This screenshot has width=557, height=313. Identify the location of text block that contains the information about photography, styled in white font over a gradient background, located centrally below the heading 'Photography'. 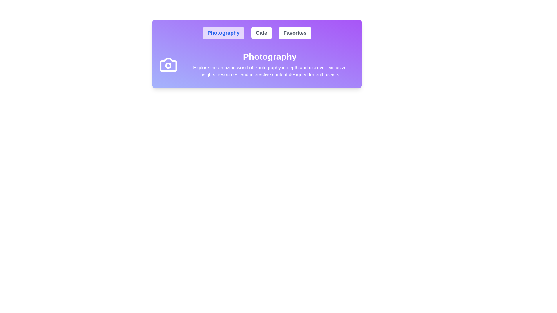
(270, 71).